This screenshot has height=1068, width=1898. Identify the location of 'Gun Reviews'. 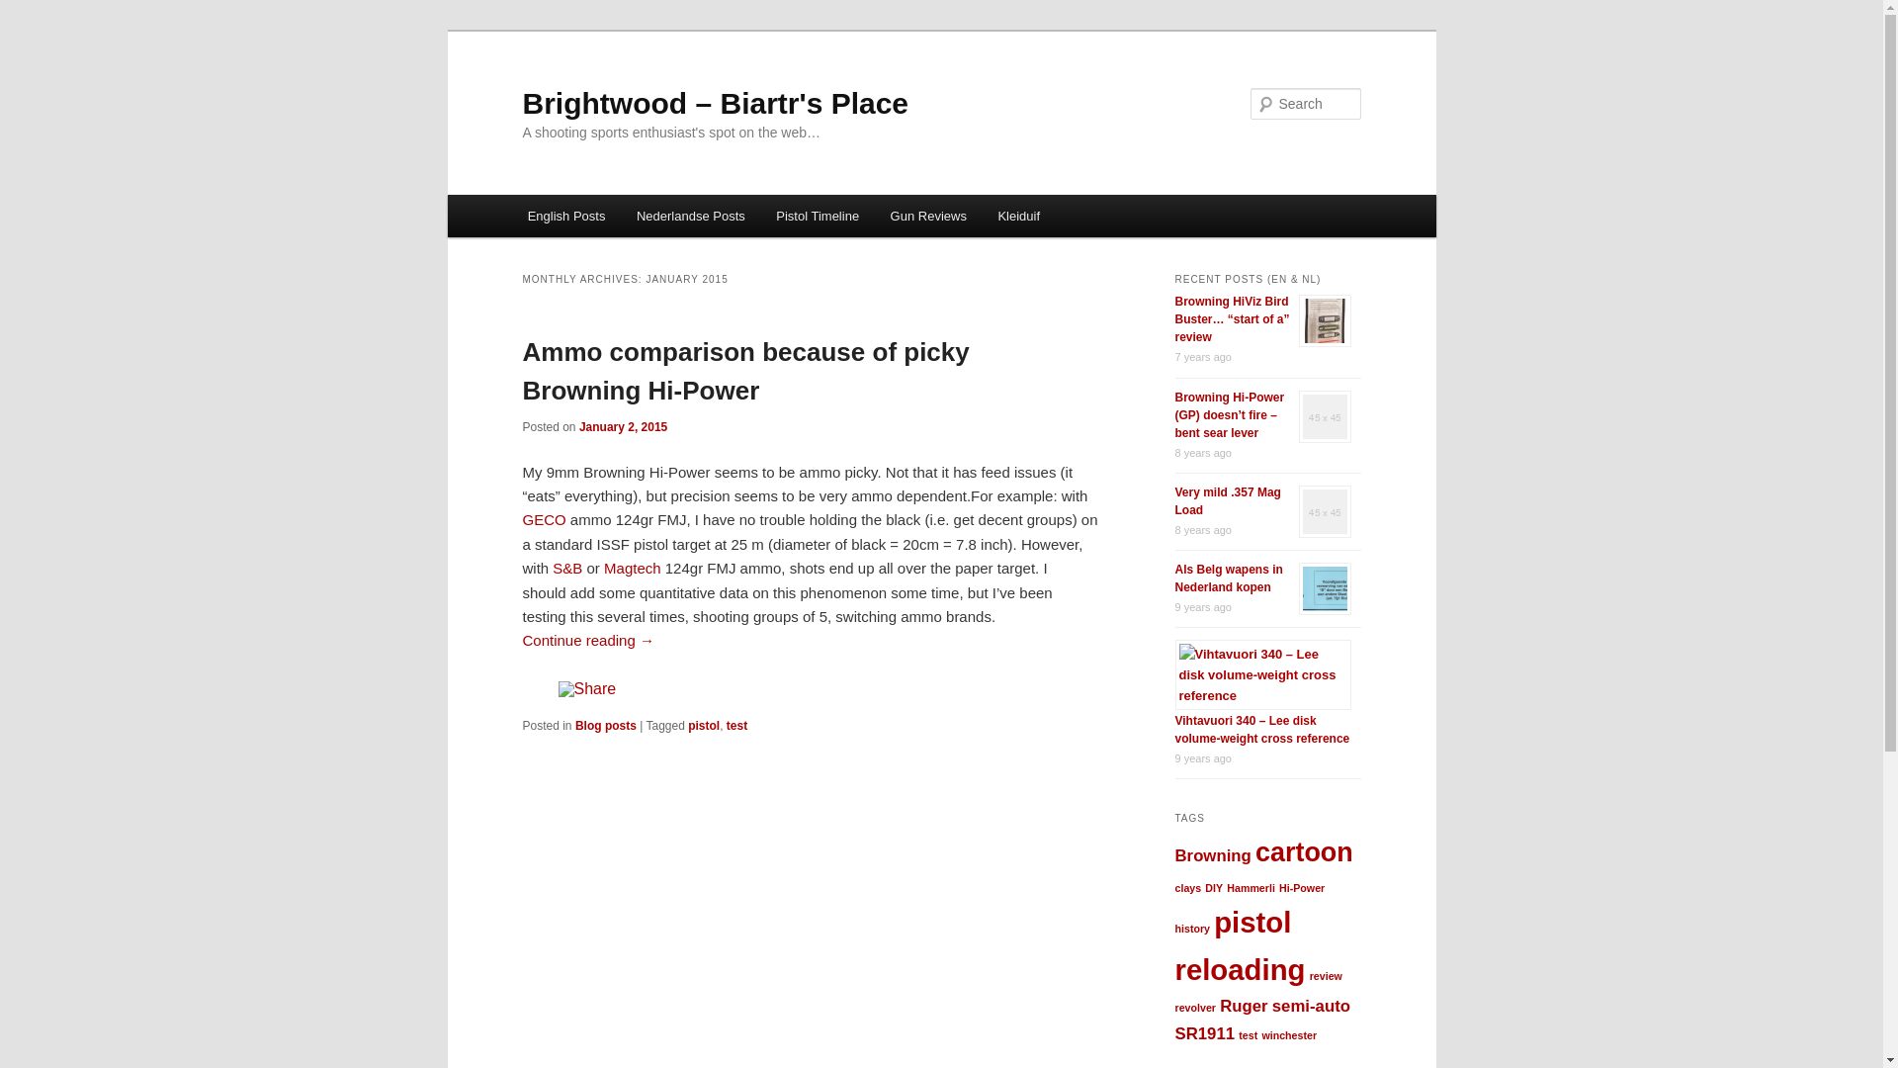
(927, 216).